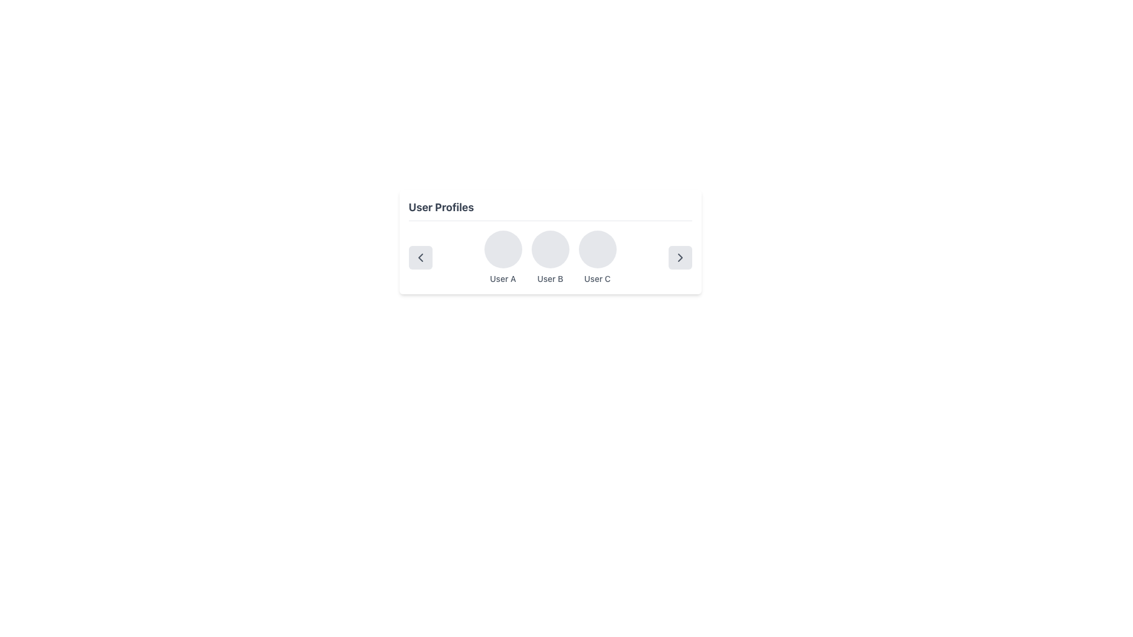 Image resolution: width=1133 pixels, height=637 pixels. I want to click on user profile element representing 'User B' using assistive tools, so click(549, 257).